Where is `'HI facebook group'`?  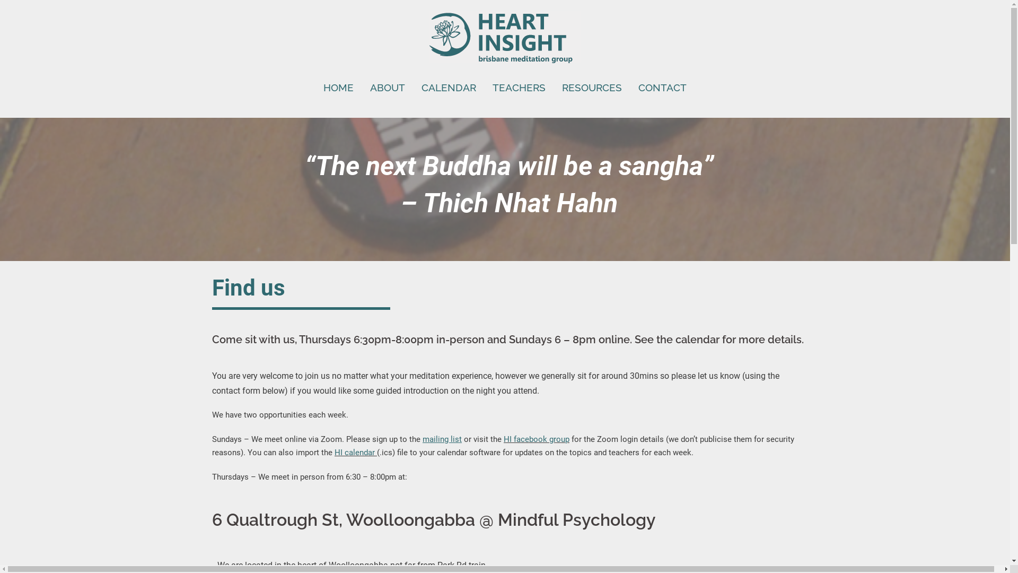
'HI facebook group' is located at coordinates (537, 439).